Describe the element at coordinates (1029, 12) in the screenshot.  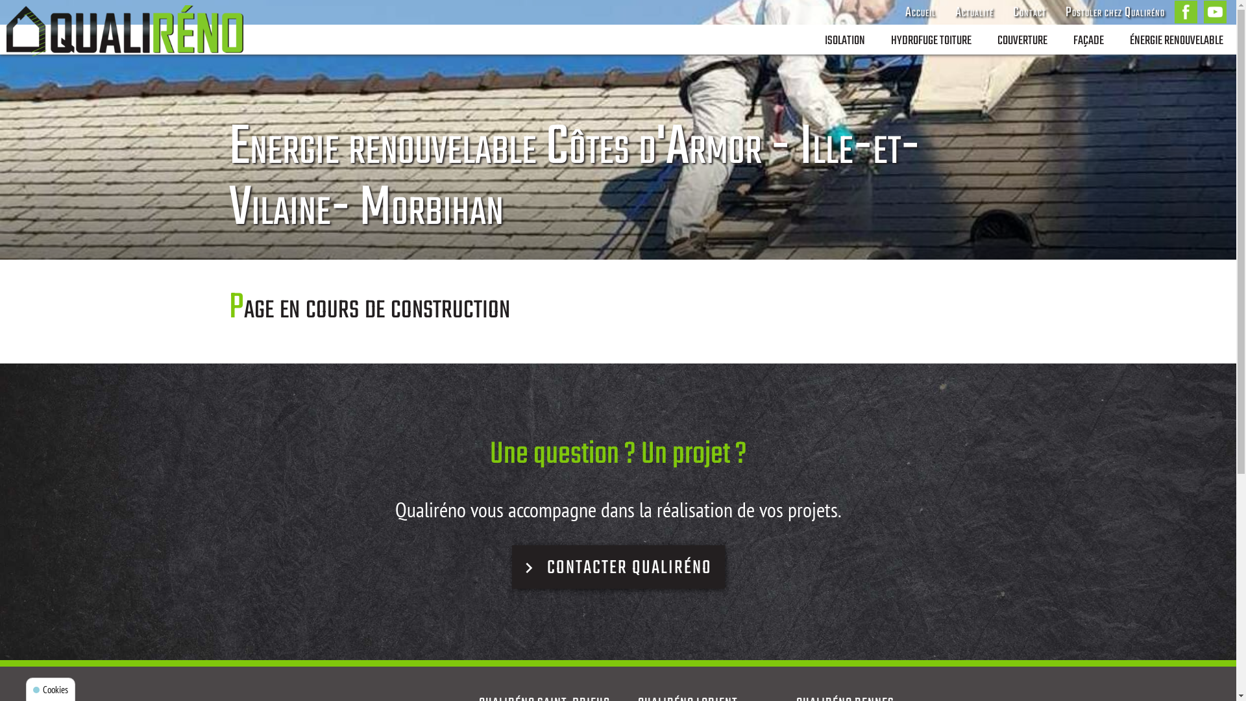
I see `'Contact'` at that location.